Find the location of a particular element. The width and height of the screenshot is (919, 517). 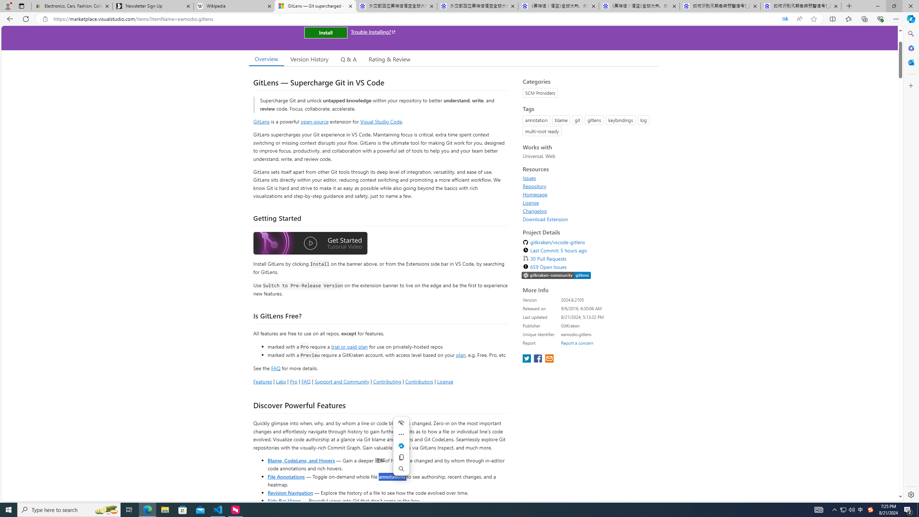

'Copy' is located at coordinates (401, 457).